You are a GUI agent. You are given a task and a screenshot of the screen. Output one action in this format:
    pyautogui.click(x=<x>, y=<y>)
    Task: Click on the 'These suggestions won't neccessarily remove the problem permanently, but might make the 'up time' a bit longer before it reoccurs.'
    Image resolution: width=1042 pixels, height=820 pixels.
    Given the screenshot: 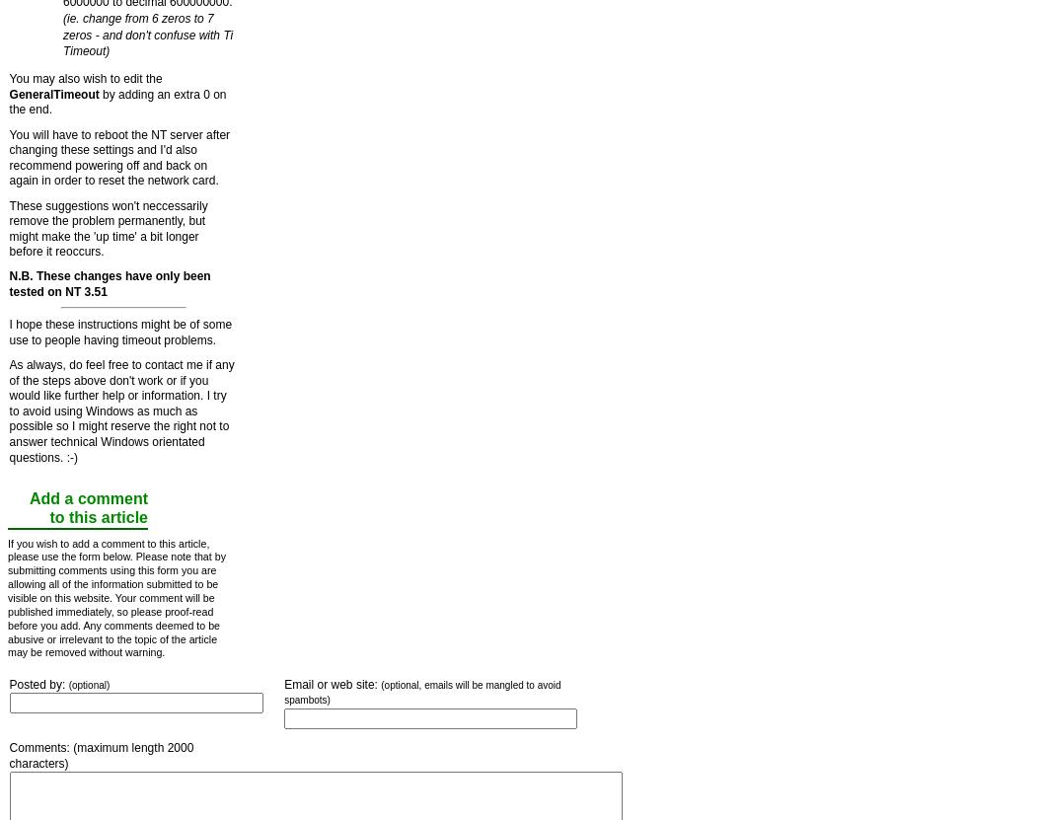 What is the action you would take?
    pyautogui.click(x=107, y=228)
    